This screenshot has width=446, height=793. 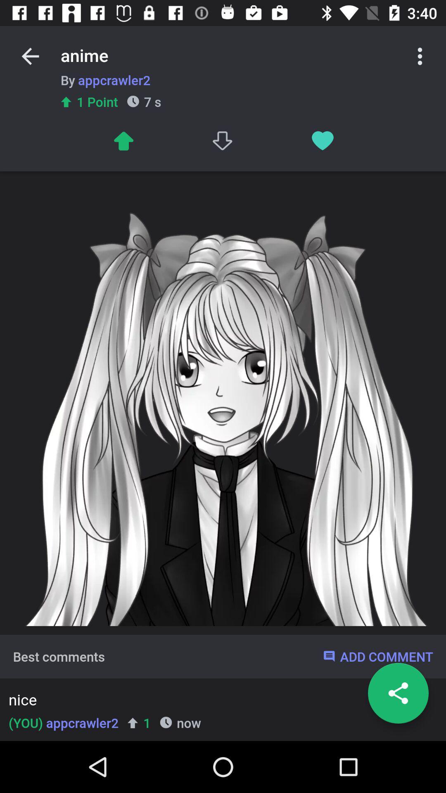 I want to click on like post, so click(x=322, y=141).